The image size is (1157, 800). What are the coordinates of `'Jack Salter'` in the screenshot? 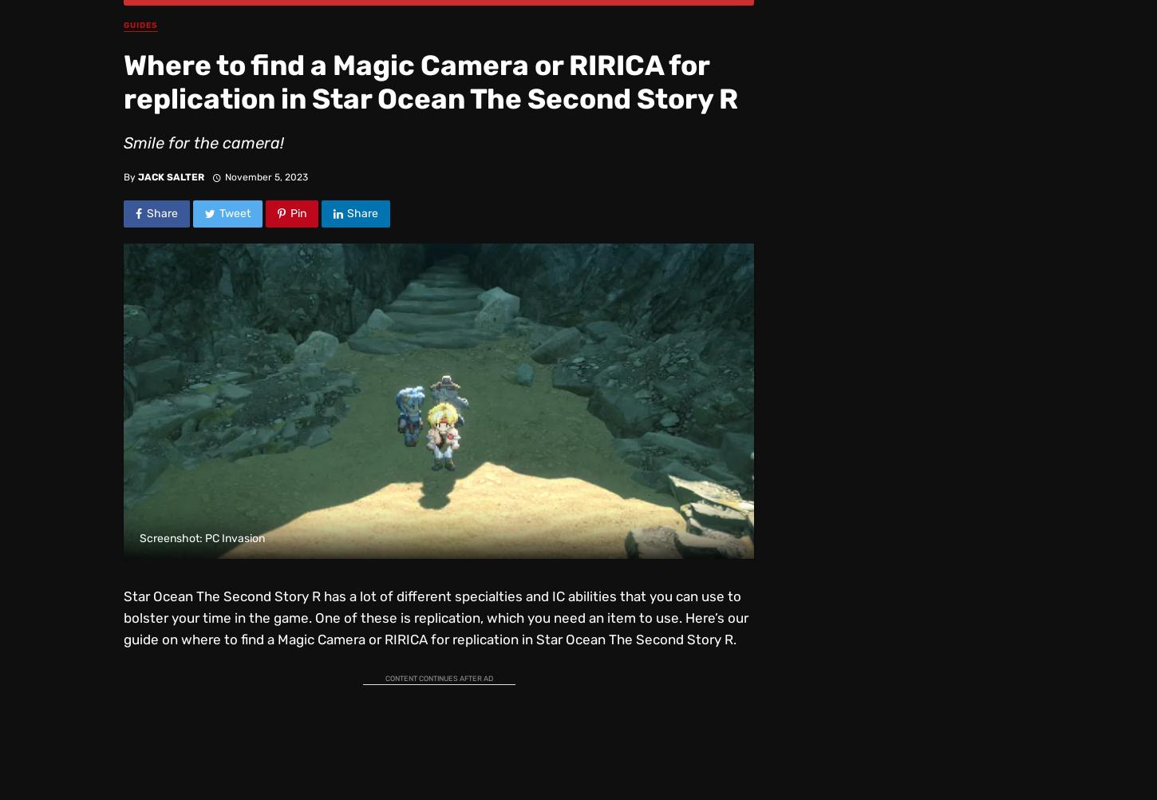 It's located at (170, 177).